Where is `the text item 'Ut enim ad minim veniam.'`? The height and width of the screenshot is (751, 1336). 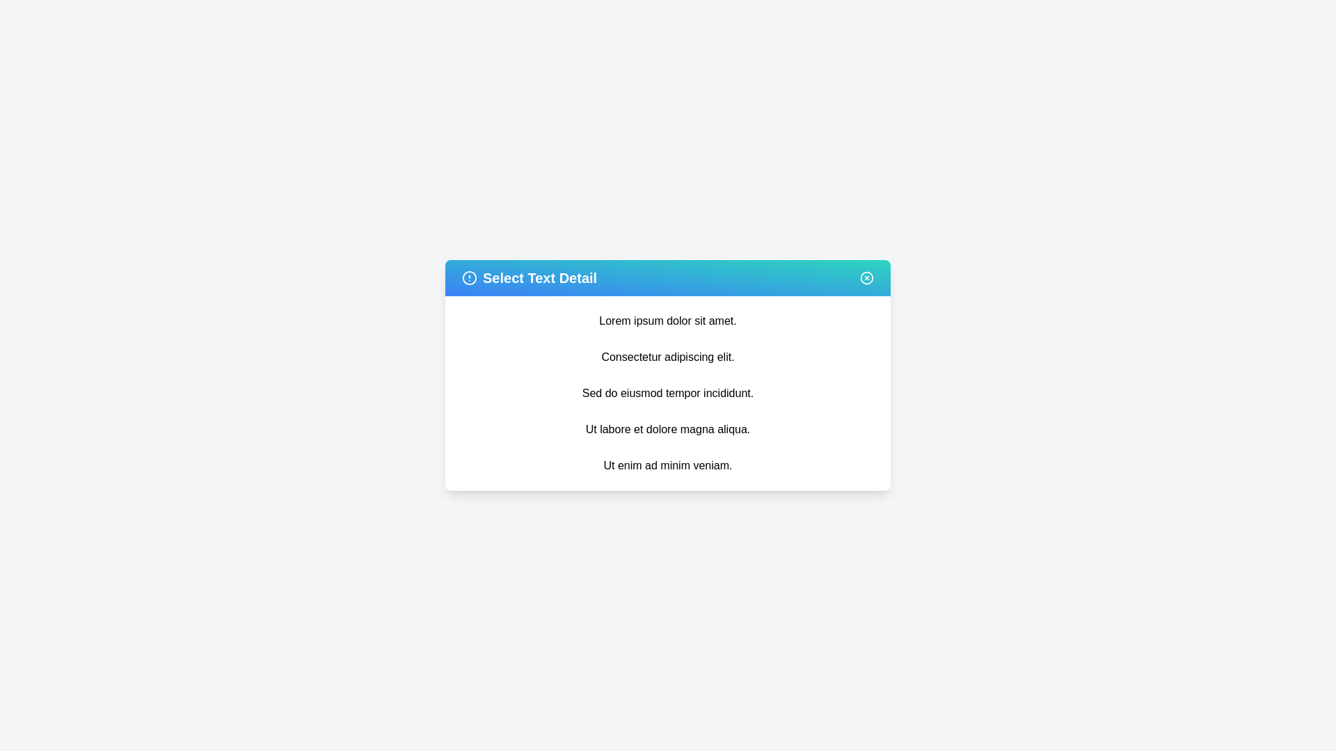
the text item 'Ut enim ad minim veniam.' is located at coordinates (668, 466).